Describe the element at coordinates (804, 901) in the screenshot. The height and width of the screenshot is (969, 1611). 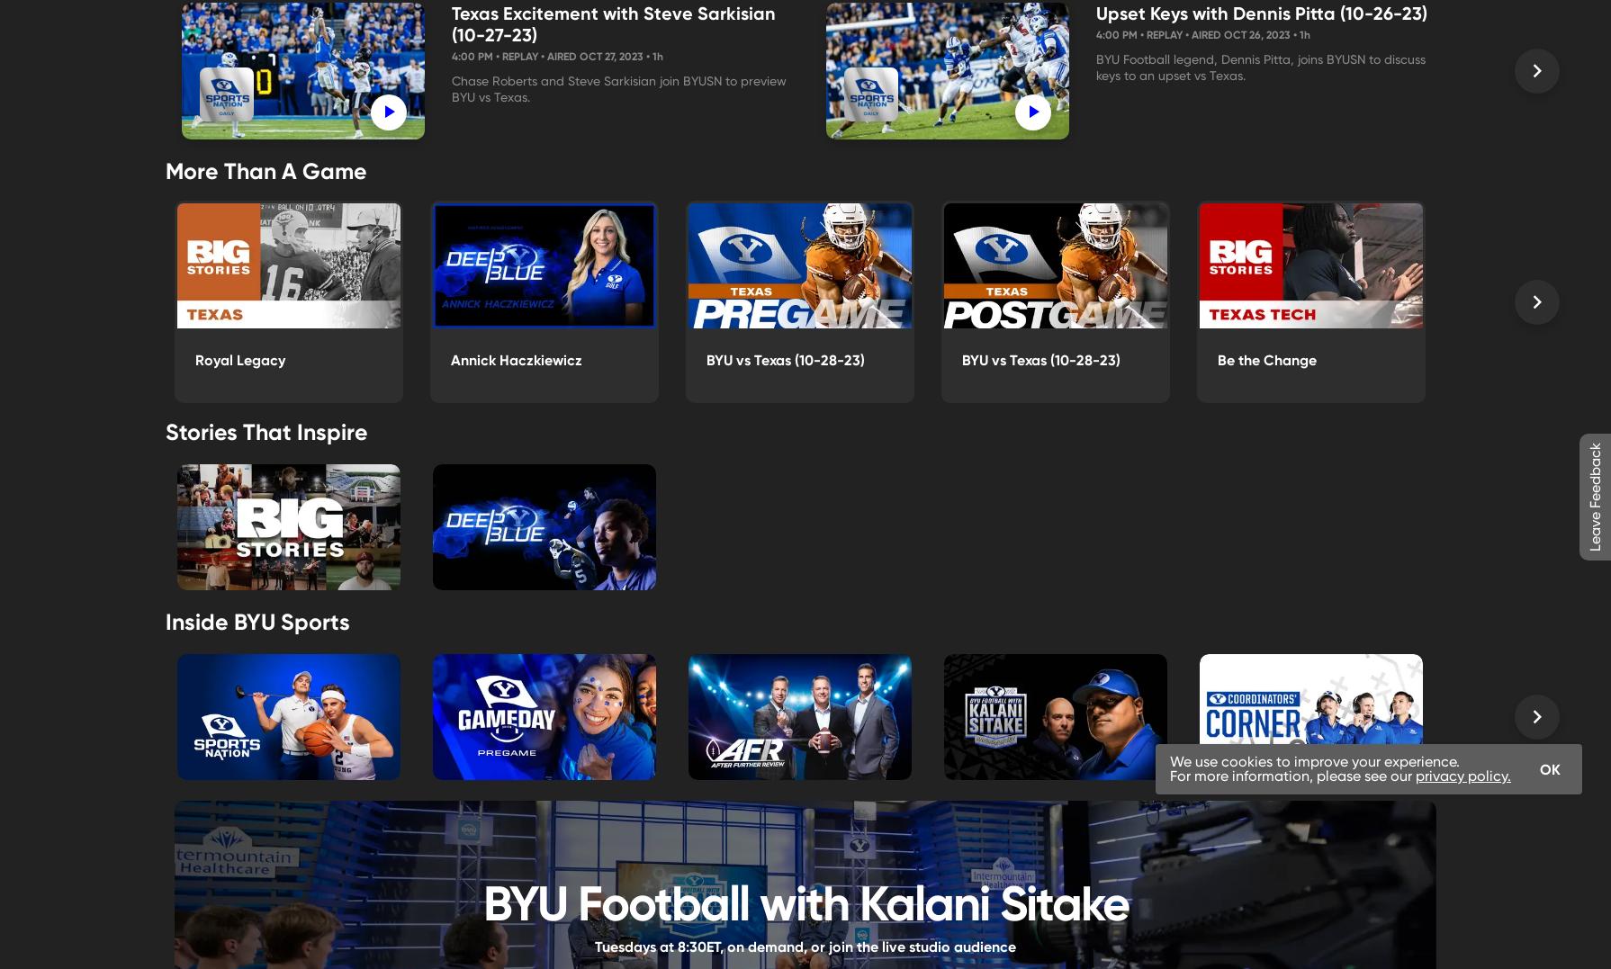
I see `'BYU Football with Kalani Sitake'` at that location.